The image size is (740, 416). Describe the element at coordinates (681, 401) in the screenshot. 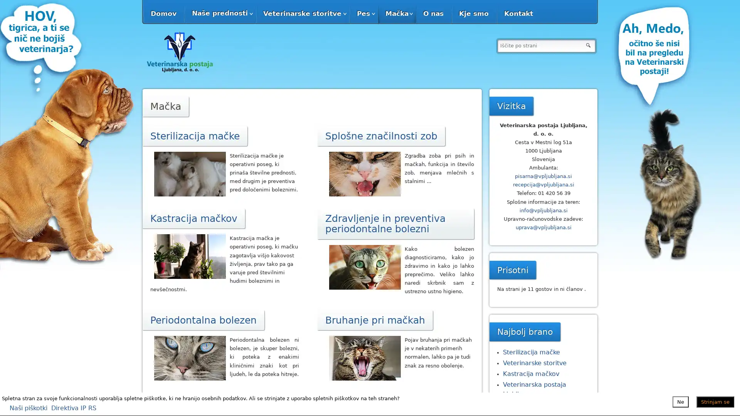

I see `Ne` at that location.